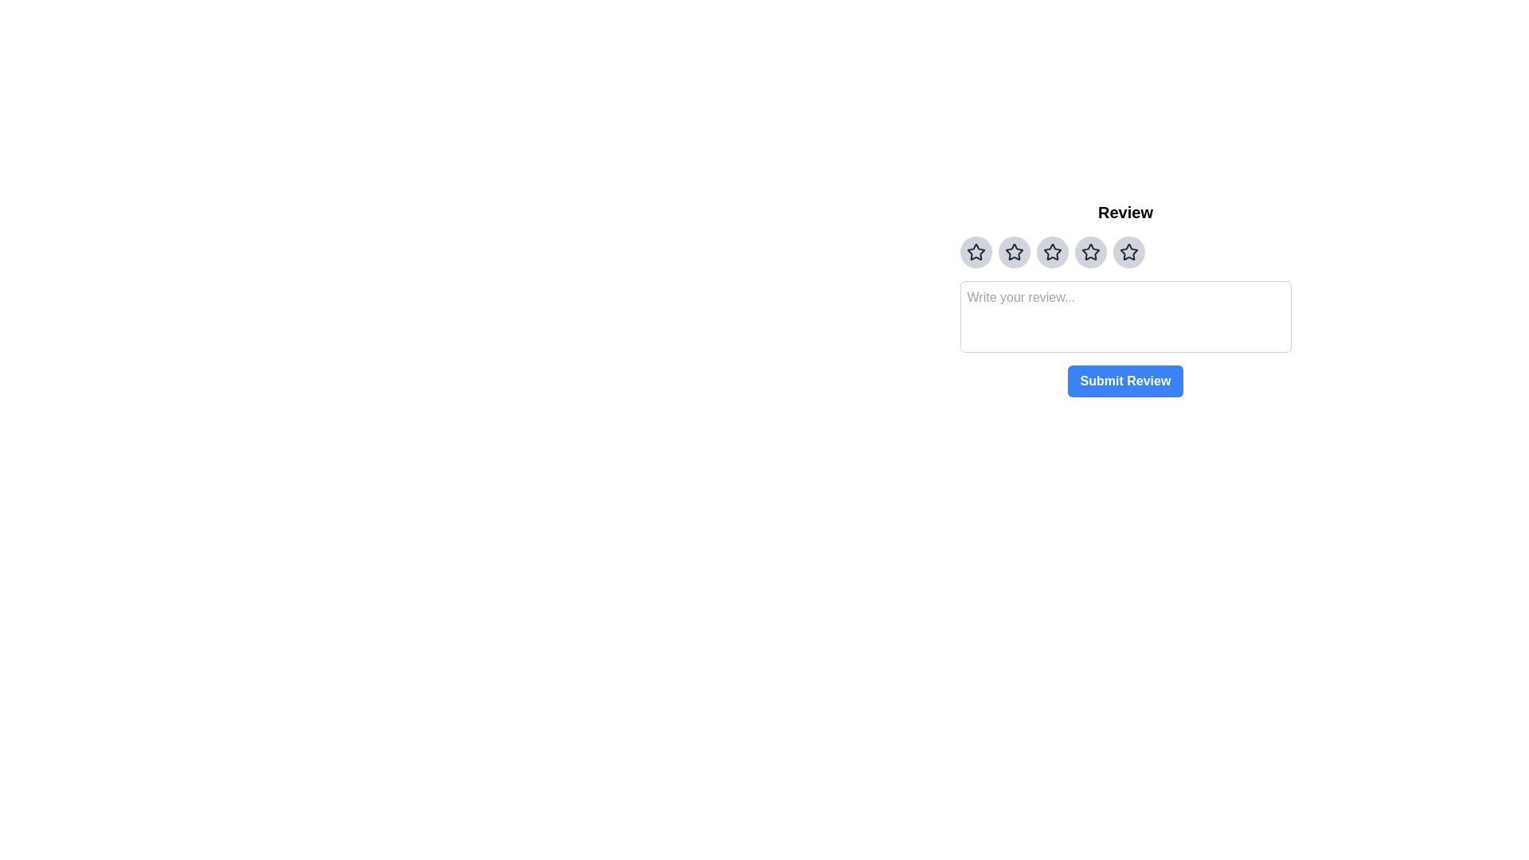 The height and width of the screenshot is (860, 1529). Describe the element at coordinates (1124, 381) in the screenshot. I see `the submit button located at the bottom of the review submission interface` at that location.